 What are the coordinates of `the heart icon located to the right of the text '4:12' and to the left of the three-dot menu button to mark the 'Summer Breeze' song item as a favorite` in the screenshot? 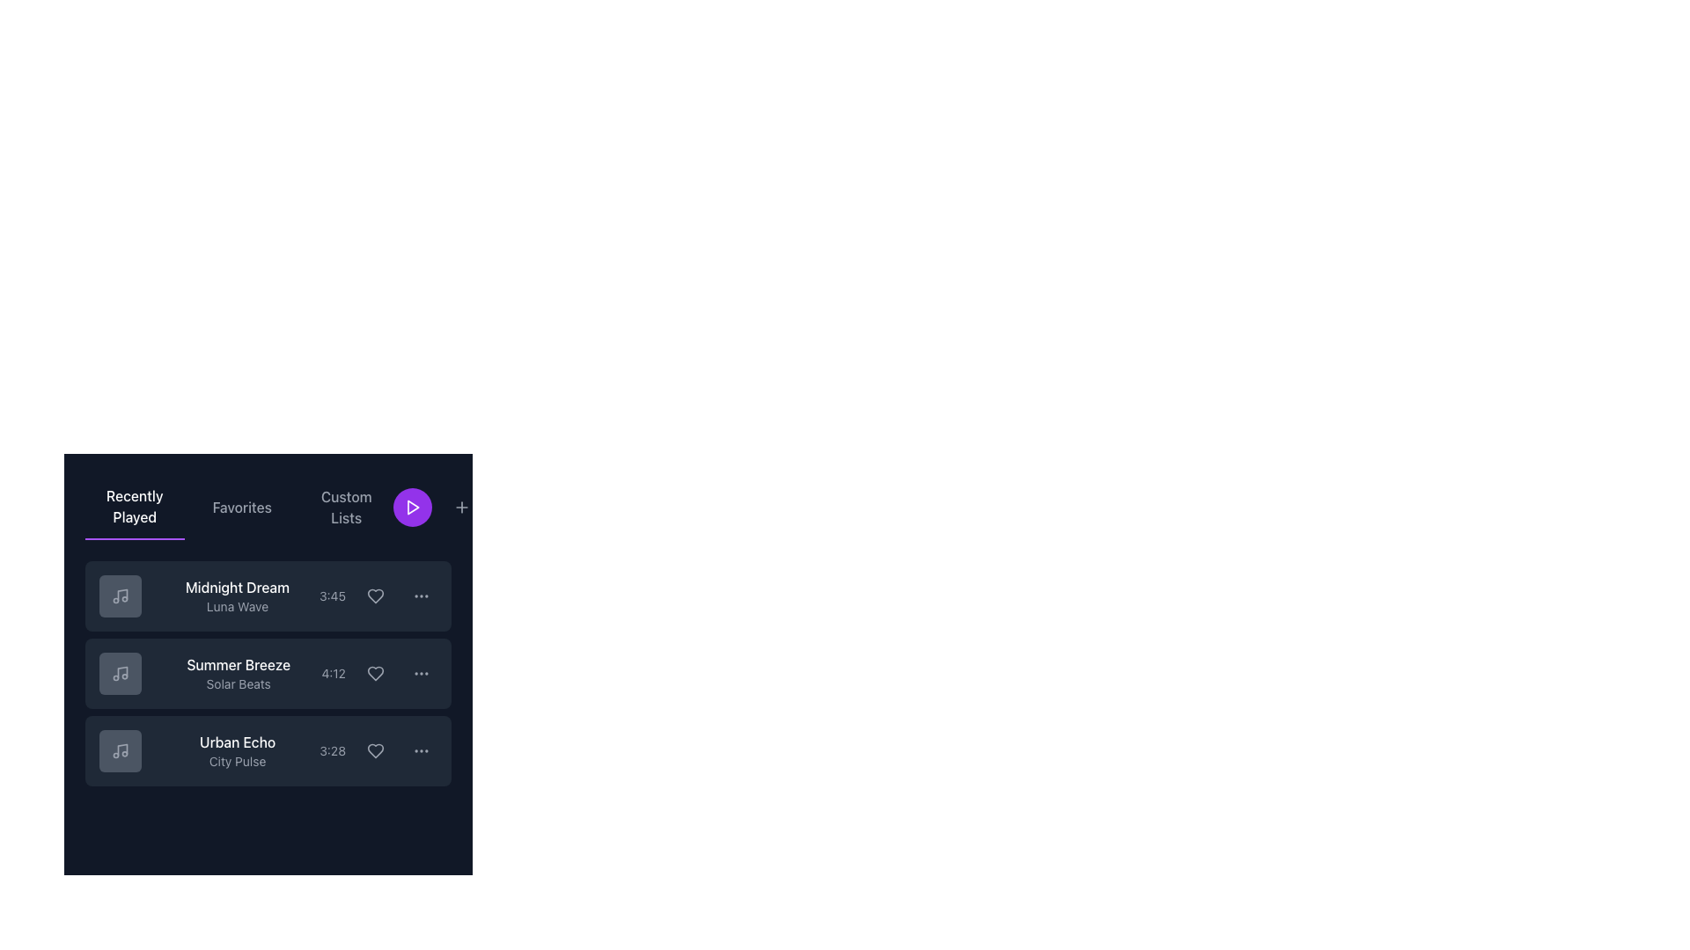 It's located at (378, 673).